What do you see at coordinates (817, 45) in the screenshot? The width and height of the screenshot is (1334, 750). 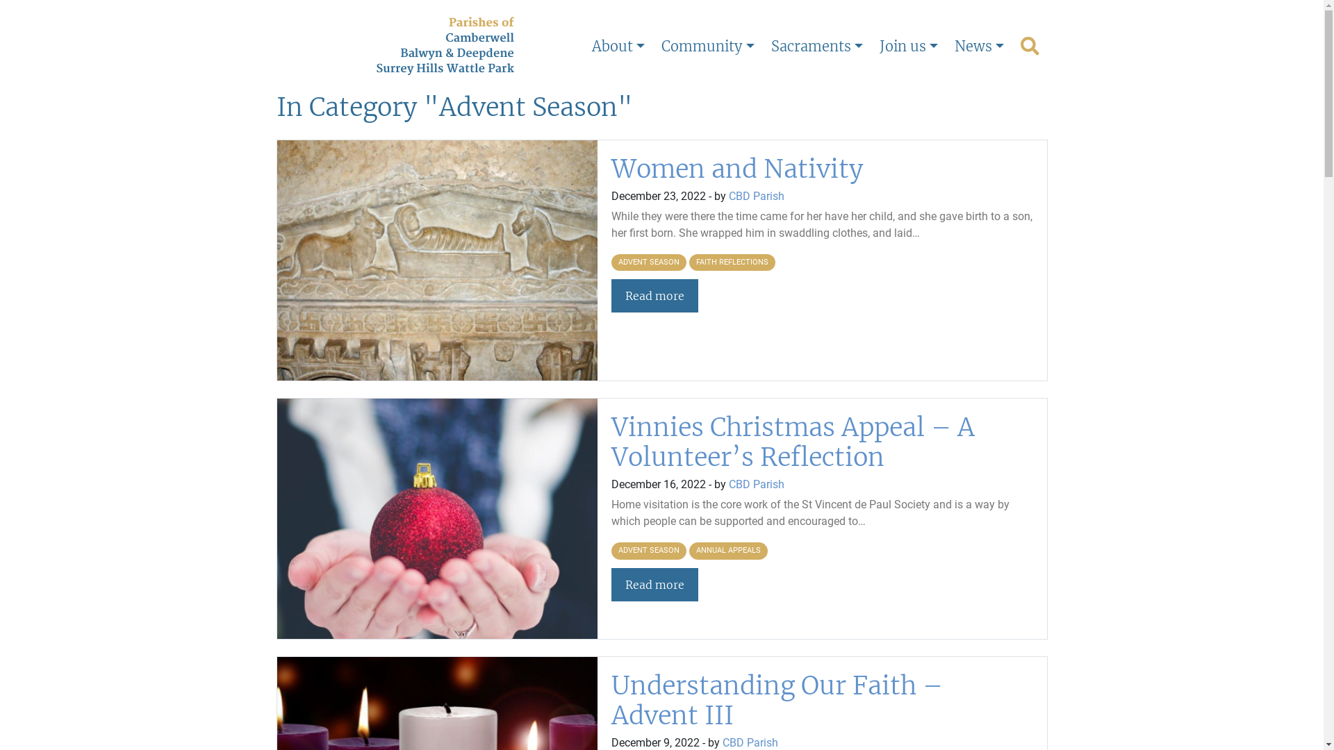 I see `'Sacraments'` at bounding box center [817, 45].